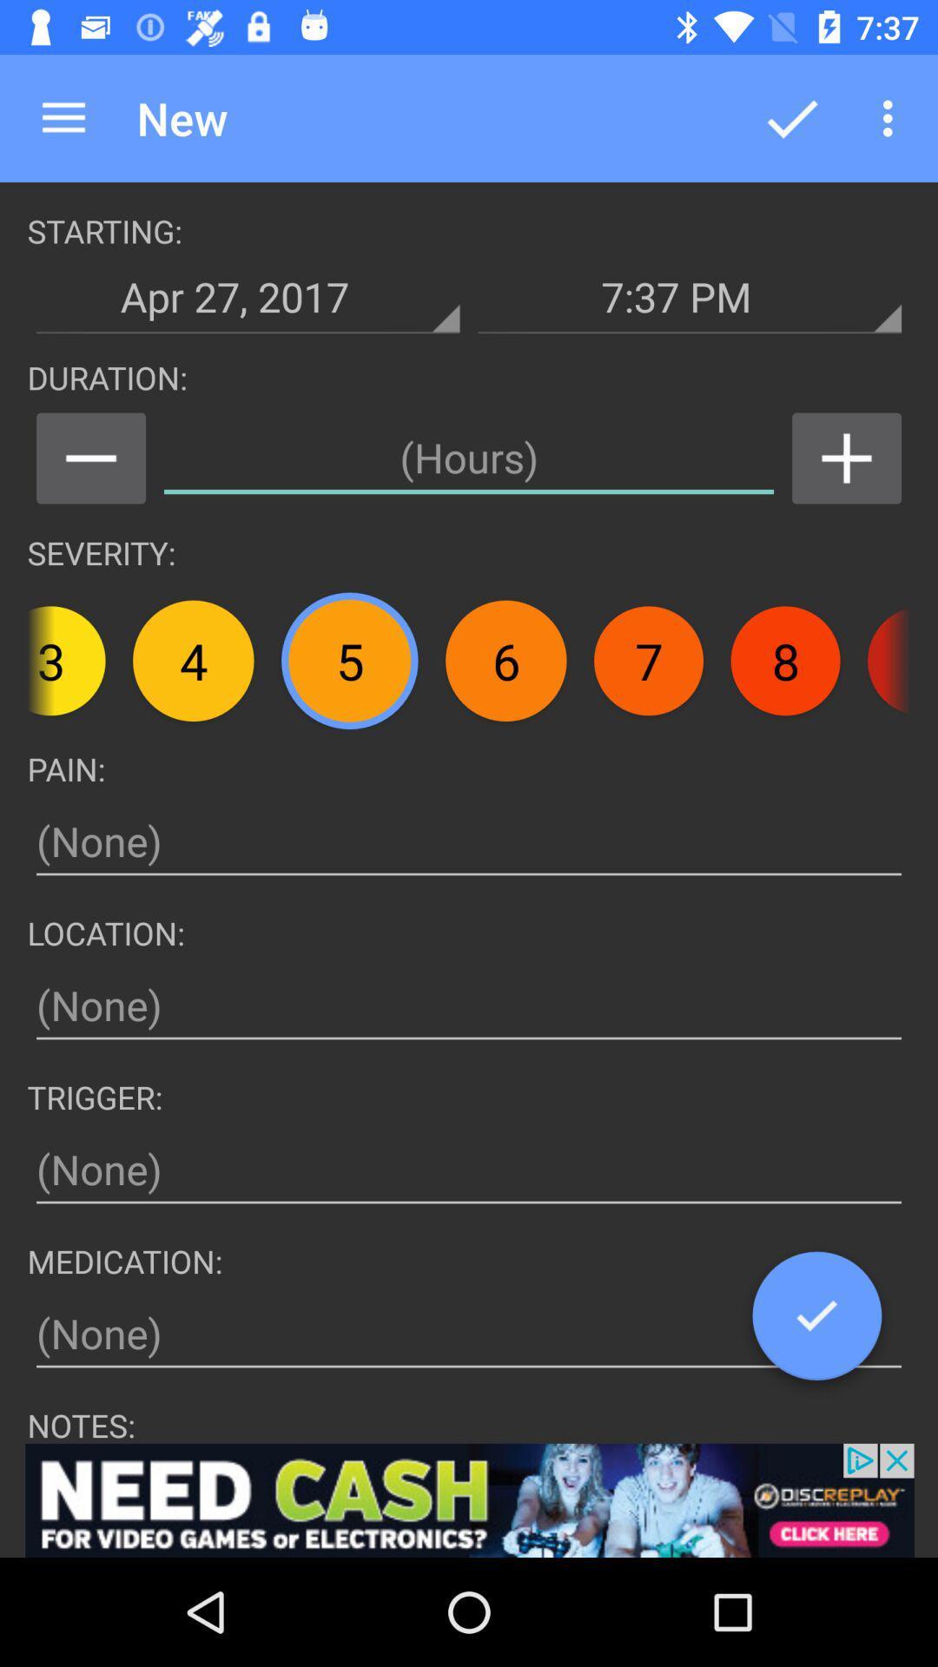 The height and width of the screenshot is (1667, 938). I want to click on the check icon, so click(816, 1321).